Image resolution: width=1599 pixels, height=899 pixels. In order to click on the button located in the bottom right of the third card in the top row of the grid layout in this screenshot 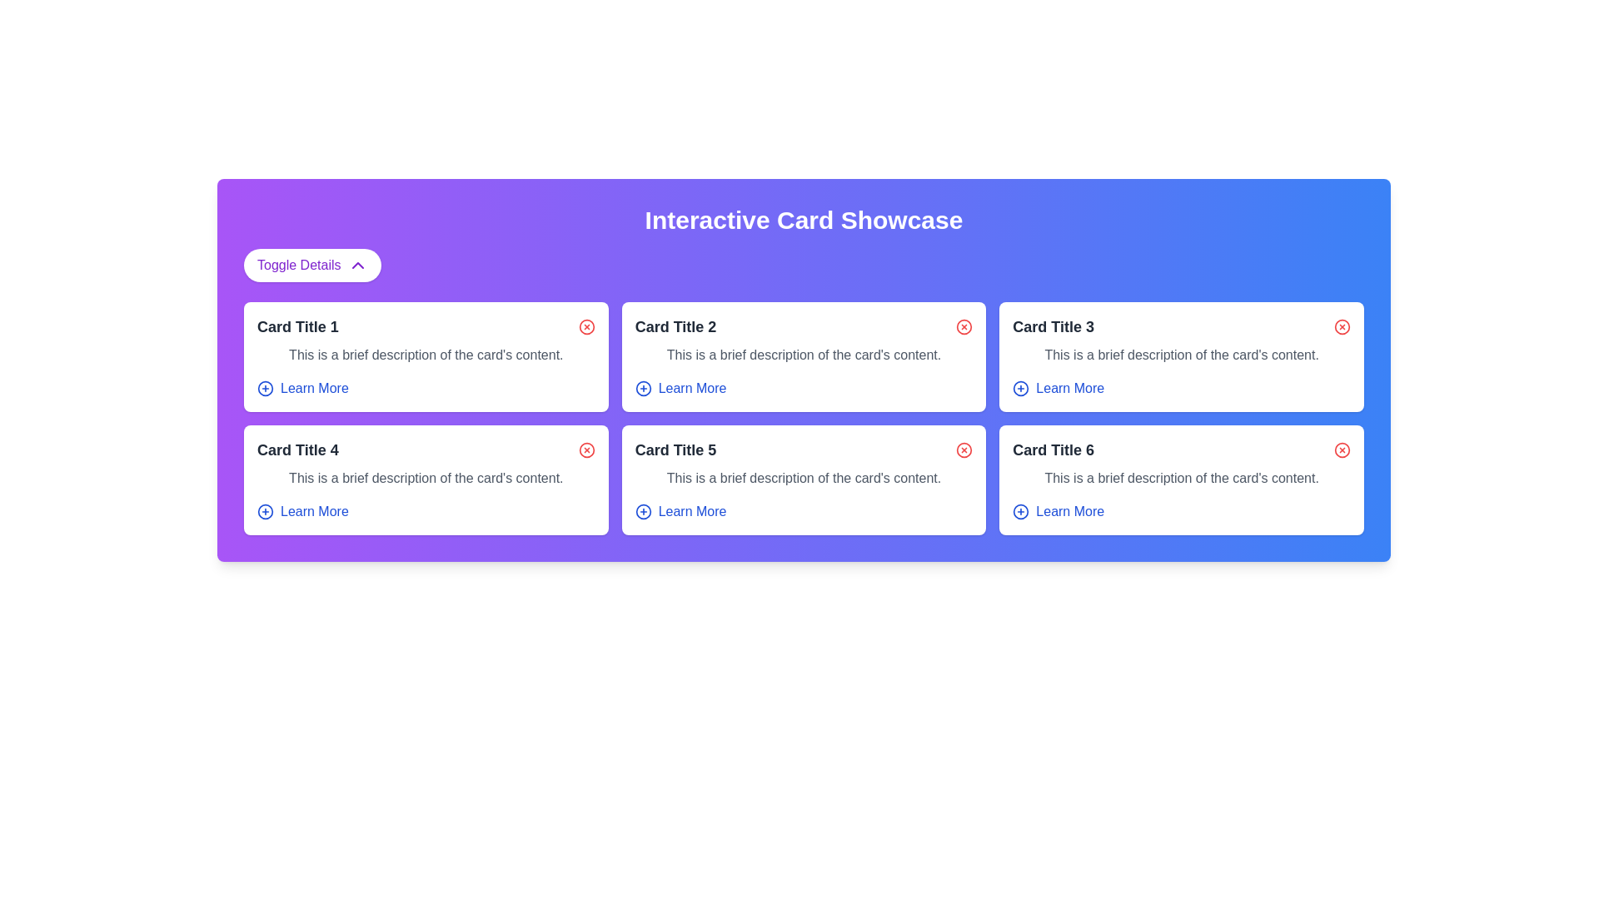, I will do `click(1058, 388)`.